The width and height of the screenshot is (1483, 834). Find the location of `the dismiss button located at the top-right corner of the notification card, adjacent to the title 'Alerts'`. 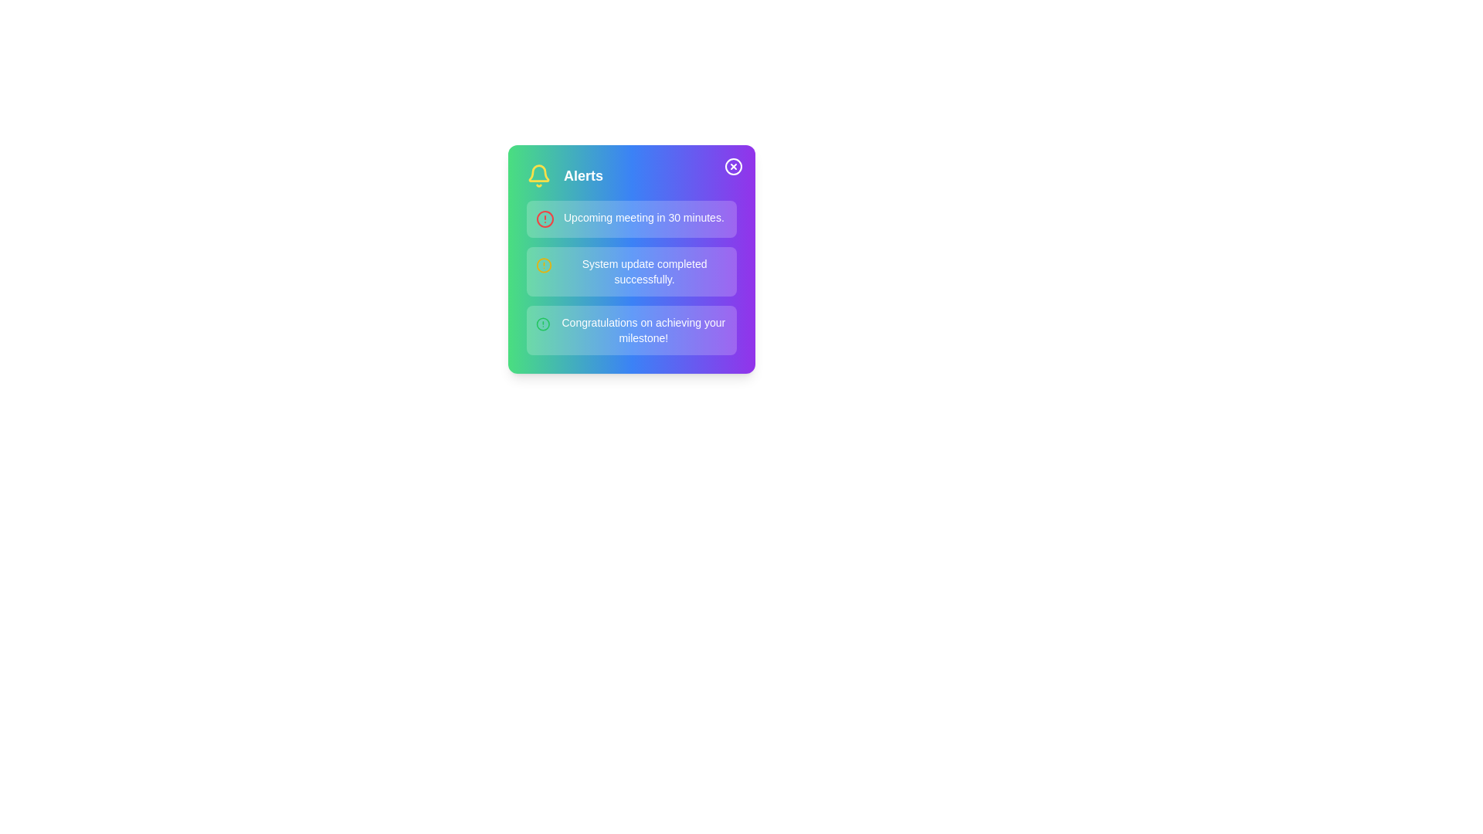

the dismiss button located at the top-right corner of the notification card, adjacent to the title 'Alerts' is located at coordinates (733, 167).